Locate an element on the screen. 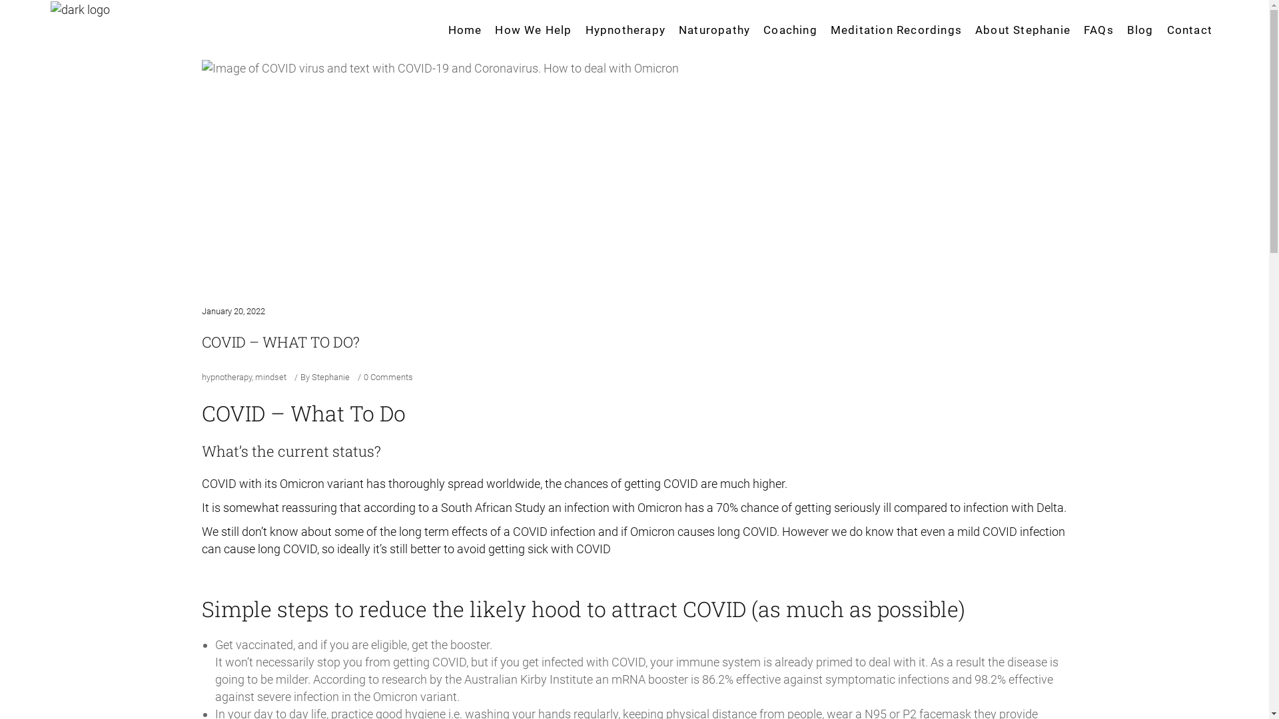  'How We Help' is located at coordinates (533, 30).